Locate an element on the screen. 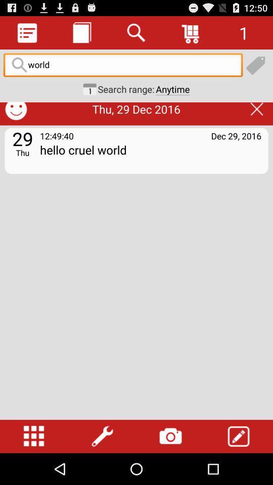  anytime is located at coordinates (172, 88).